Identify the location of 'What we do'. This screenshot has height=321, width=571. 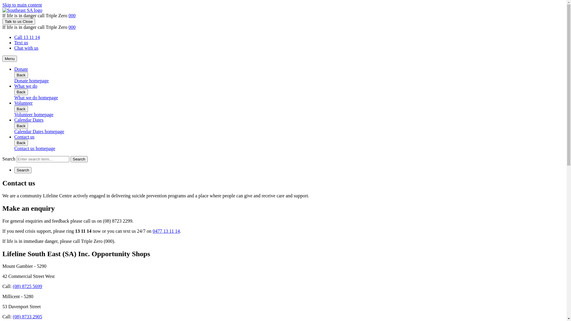
(14, 86).